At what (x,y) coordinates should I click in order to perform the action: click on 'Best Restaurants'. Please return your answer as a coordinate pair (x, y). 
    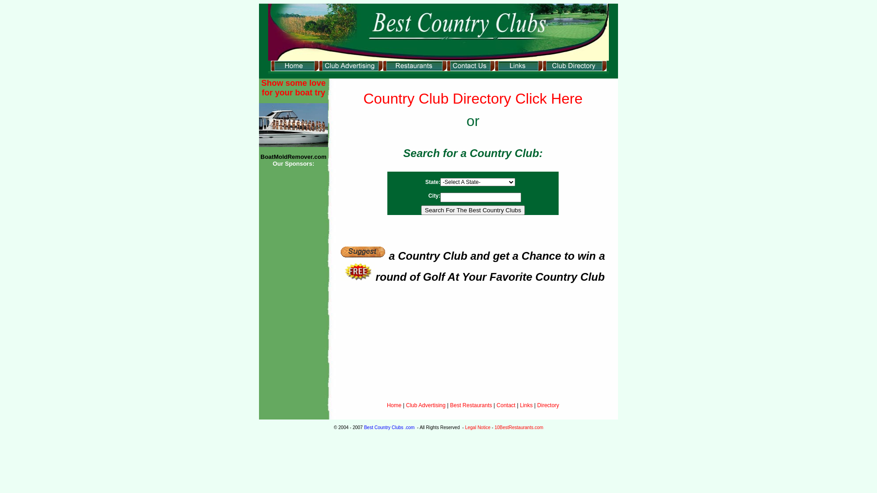
    Looking at the image, I should click on (471, 404).